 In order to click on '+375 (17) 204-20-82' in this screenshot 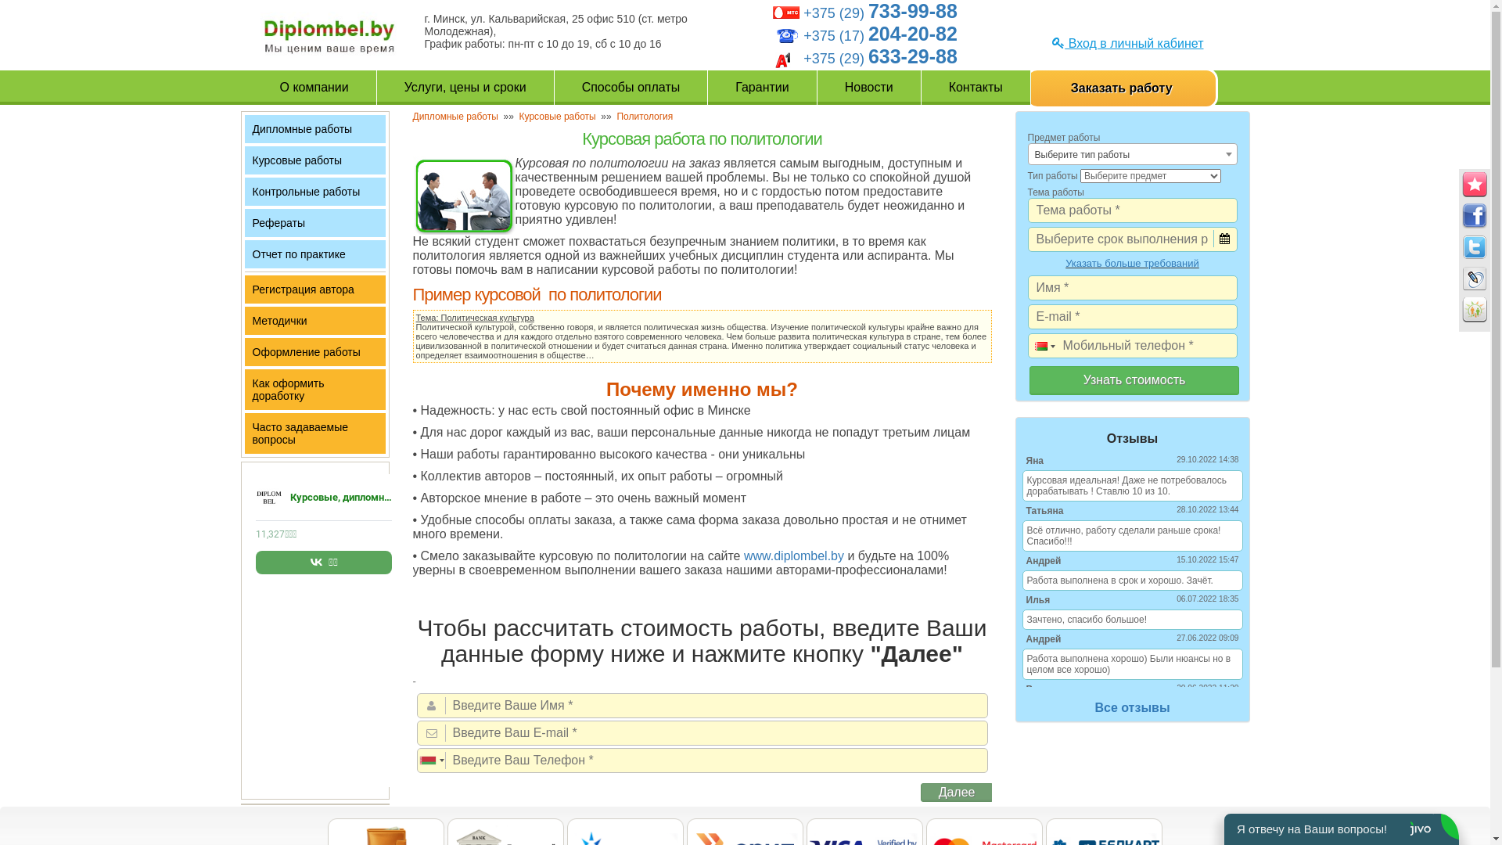, I will do `click(880, 35)`.